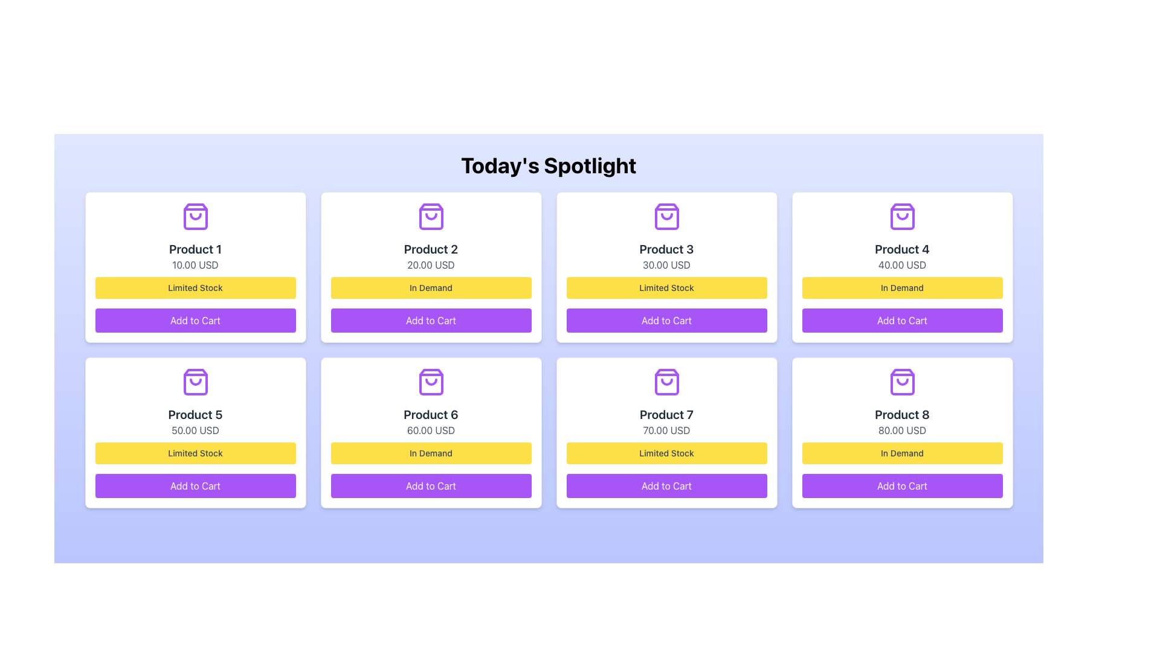 The height and width of the screenshot is (652, 1160). What do you see at coordinates (431, 288) in the screenshot?
I see `the 'In Demand' text label, which is a rectangular badge-like element with a yellow background and rounded corners, located below '20.00 USD' and above the 'Add to Cart' button` at bounding box center [431, 288].